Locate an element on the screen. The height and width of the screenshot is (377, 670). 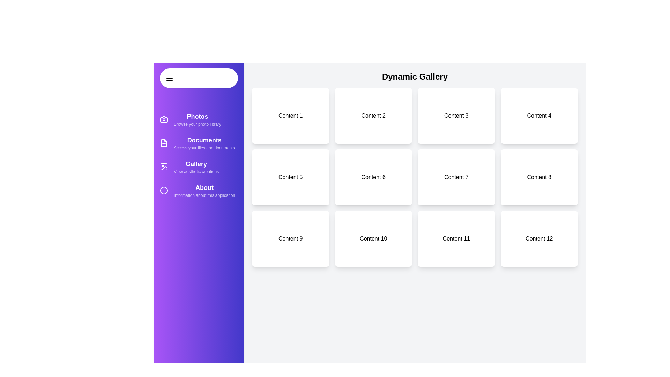
the sidebar icon for About is located at coordinates (164, 191).